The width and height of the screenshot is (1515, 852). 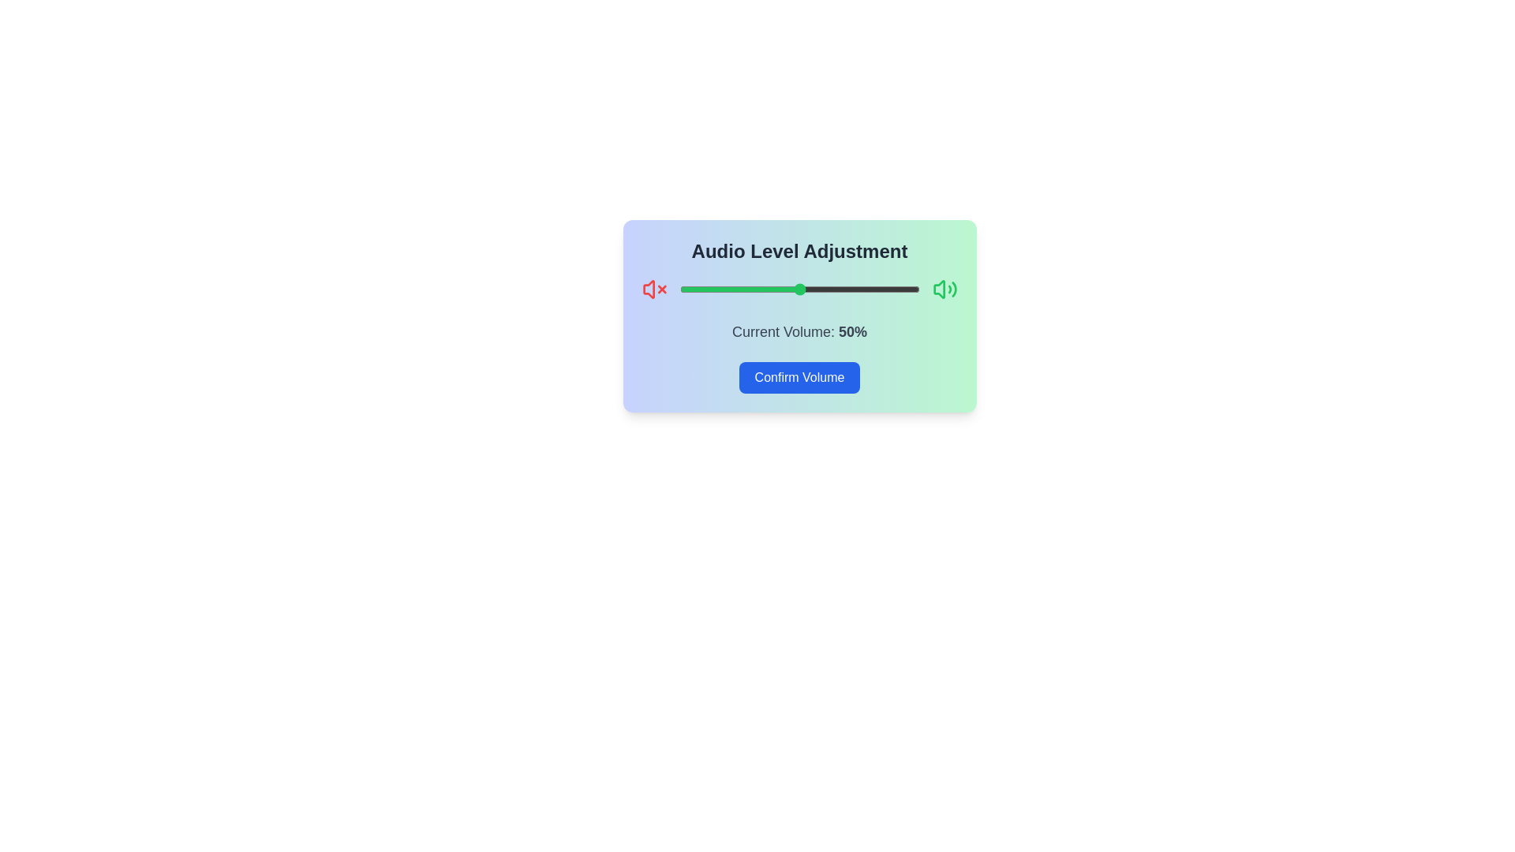 I want to click on 'Confirm Volume' button to confirm the current volume setting, so click(x=799, y=377).